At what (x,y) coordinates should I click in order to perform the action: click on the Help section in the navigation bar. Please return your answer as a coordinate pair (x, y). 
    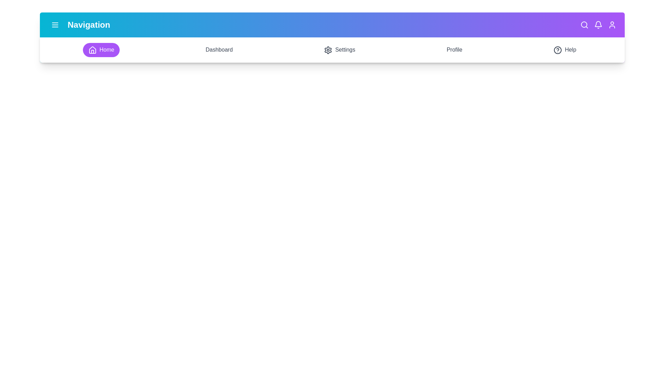
    Looking at the image, I should click on (565, 49).